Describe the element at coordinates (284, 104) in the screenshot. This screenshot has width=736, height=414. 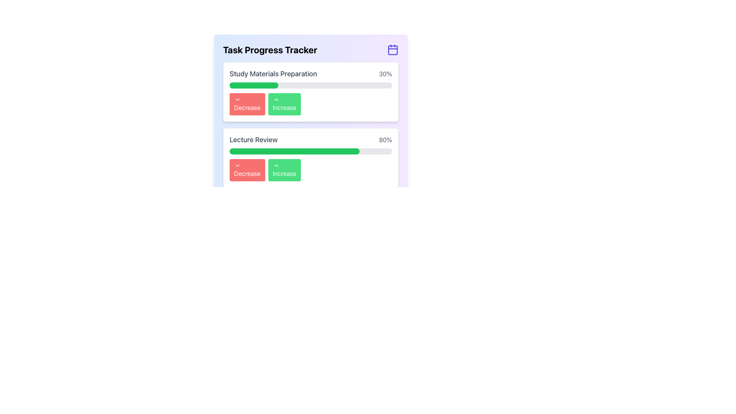
I see `the button that increases the value for 'Study Materials Preparation', located to the right of the red 'Decrease' button` at that location.